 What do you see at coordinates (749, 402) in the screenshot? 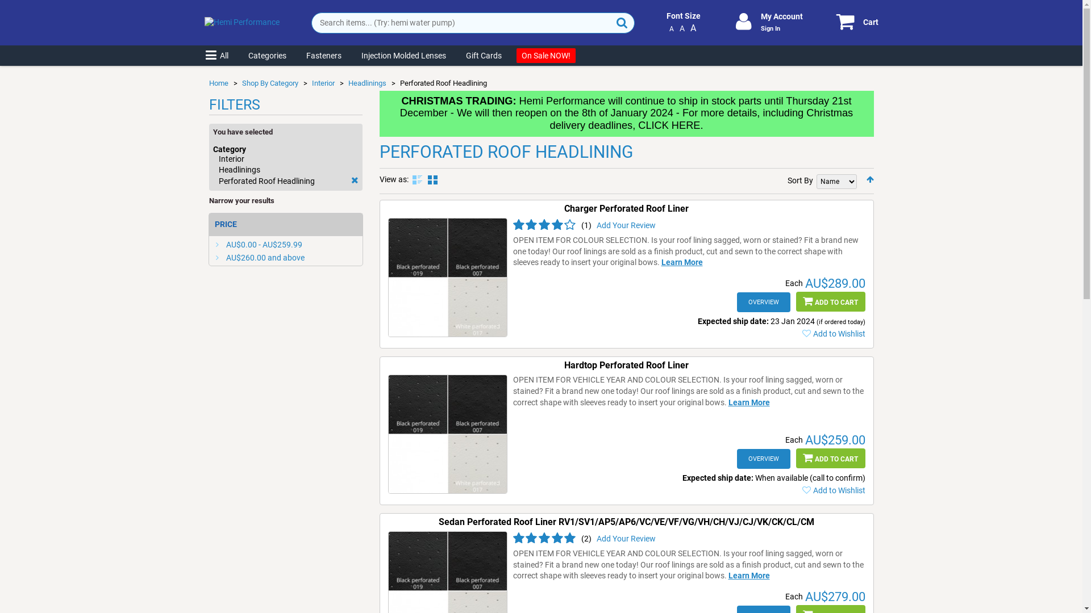
I see `'Learn More'` at bounding box center [749, 402].